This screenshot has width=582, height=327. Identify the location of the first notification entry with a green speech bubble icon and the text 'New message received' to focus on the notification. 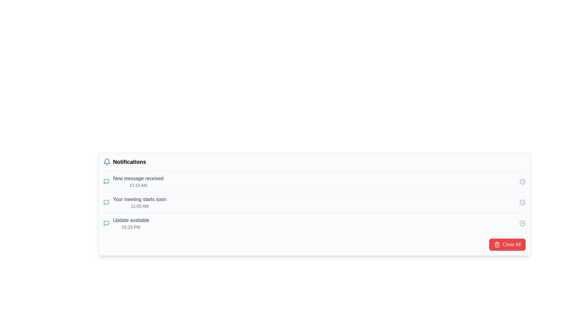
(133, 181).